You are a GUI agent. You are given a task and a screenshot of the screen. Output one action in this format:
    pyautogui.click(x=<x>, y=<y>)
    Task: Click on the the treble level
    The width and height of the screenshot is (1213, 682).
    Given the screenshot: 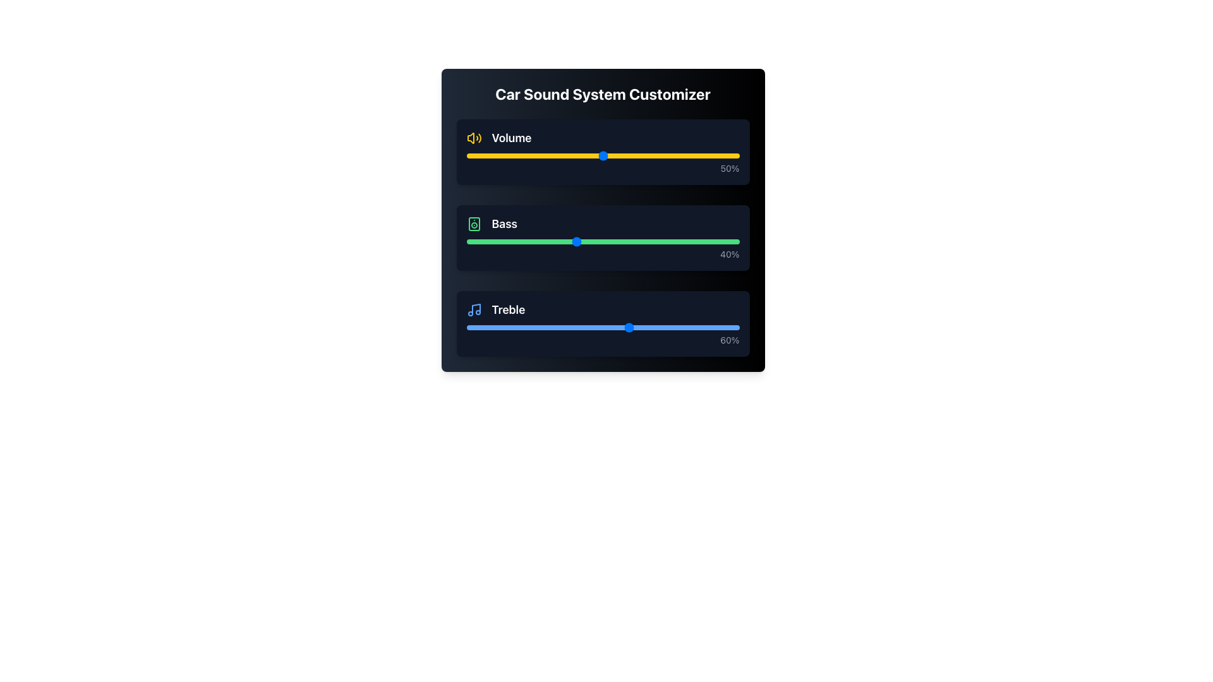 What is the action you would take?
    pyautogui.click(x=668, y=327)
    